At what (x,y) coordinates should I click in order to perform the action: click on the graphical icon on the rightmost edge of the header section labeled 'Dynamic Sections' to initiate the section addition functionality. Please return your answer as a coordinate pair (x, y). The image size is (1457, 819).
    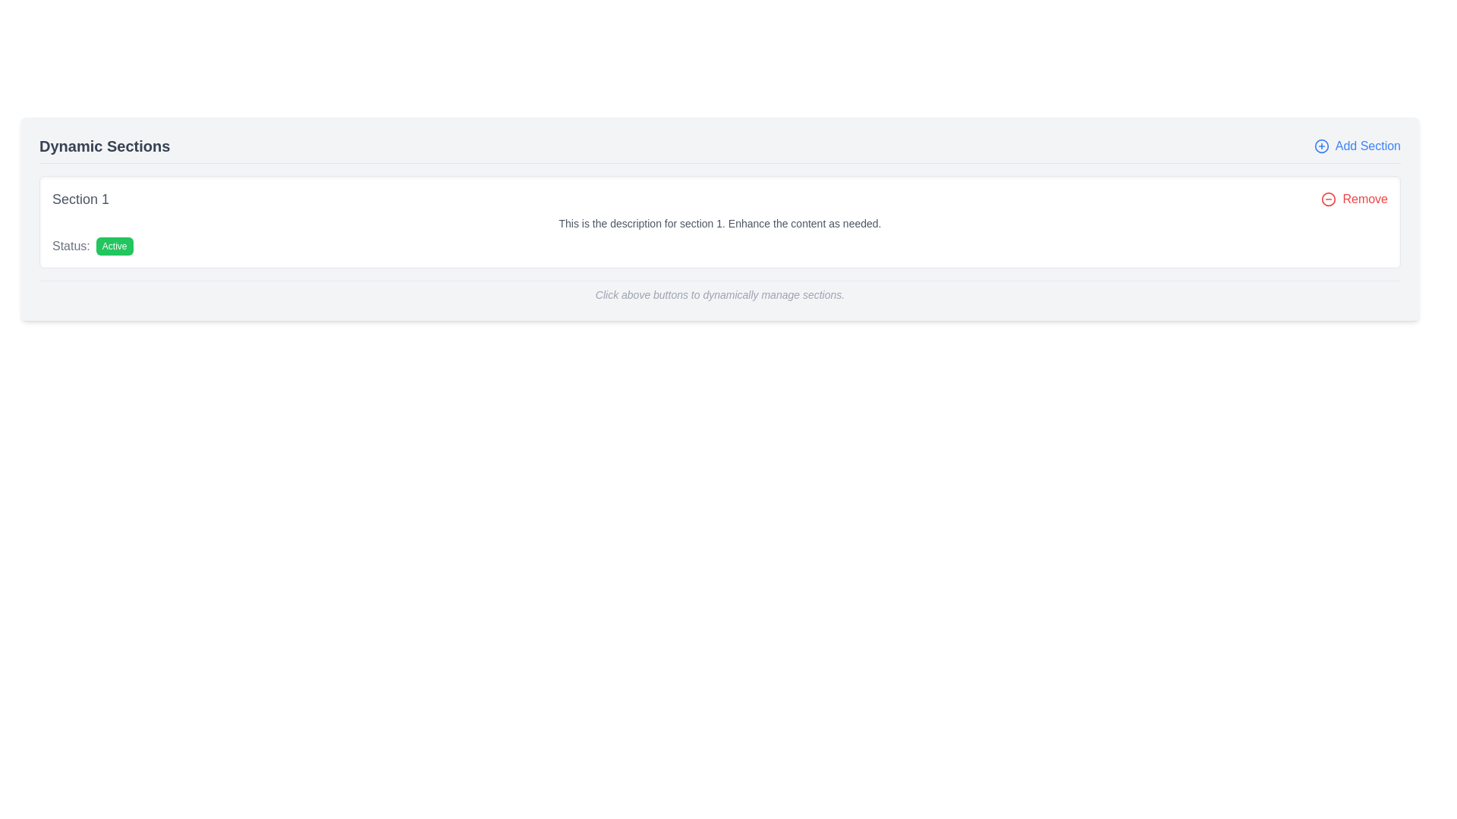
    Looking at the image, I should click on (1320, 146).